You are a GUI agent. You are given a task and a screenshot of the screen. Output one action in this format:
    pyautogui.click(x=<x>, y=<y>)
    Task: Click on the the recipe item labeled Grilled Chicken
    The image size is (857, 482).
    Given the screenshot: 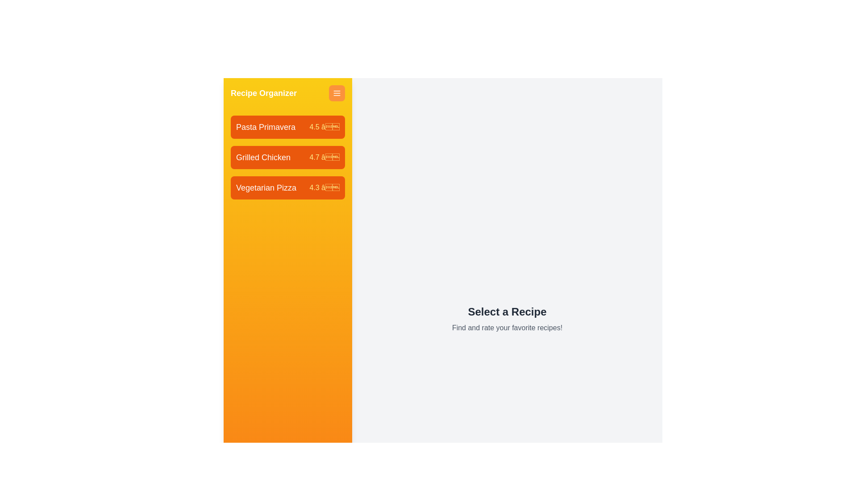 What is the action you would take?
    pyautogui.click(x=287, y=157)
    